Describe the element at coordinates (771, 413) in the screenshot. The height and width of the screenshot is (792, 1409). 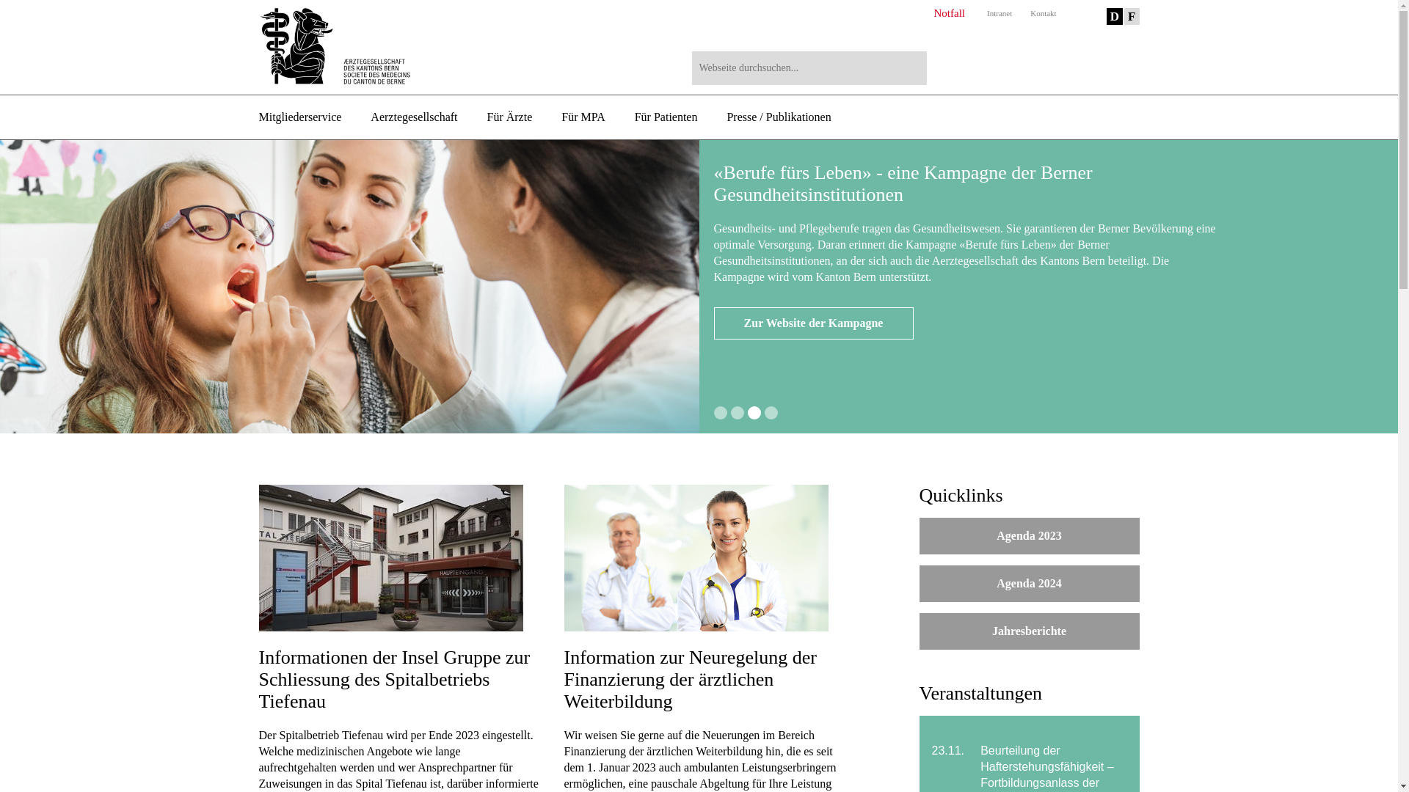
I see `'4'` at that location.